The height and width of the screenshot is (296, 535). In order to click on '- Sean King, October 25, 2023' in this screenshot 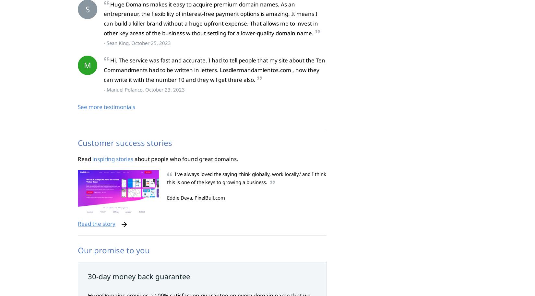, I will do `click(137, 43)`.